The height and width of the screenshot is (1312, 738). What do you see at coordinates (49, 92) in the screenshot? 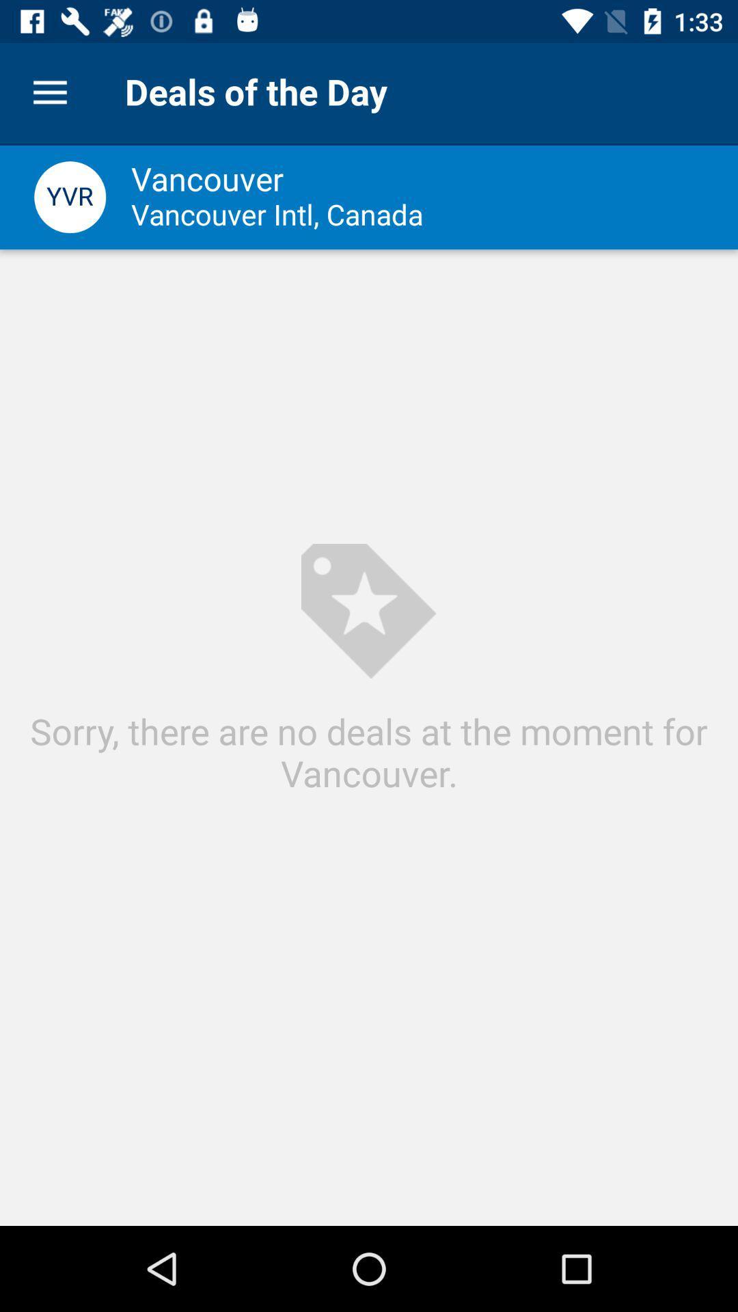
I see `the icon next to the deals of the item` at bounding box center [49, 92].